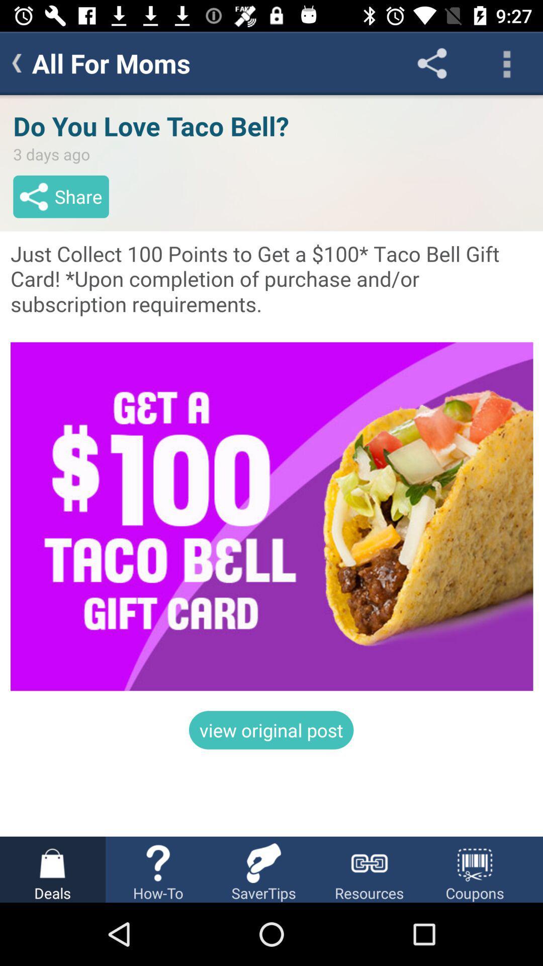  Describe the element at coordinates (431, 62) in the screenshot. I see `share icon` at that location.